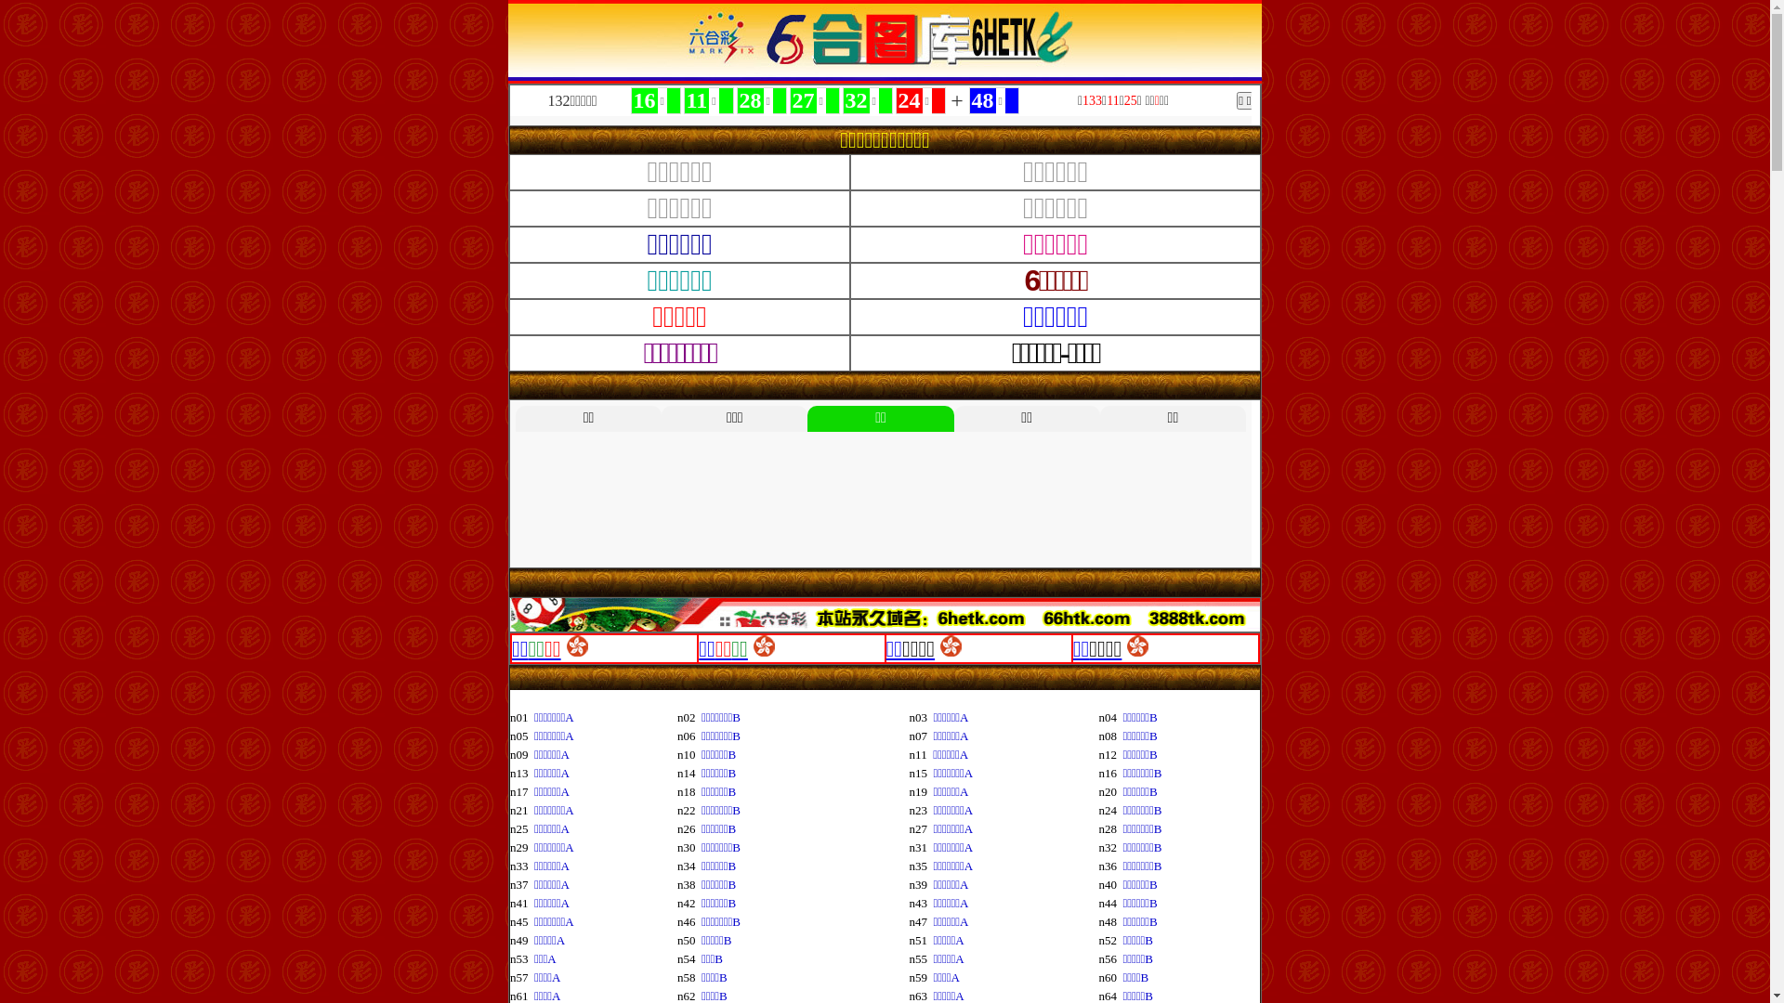 The width and height of the screenshot is (1784, 1003). I want to click on 'n36 ', so click(1110, 866).